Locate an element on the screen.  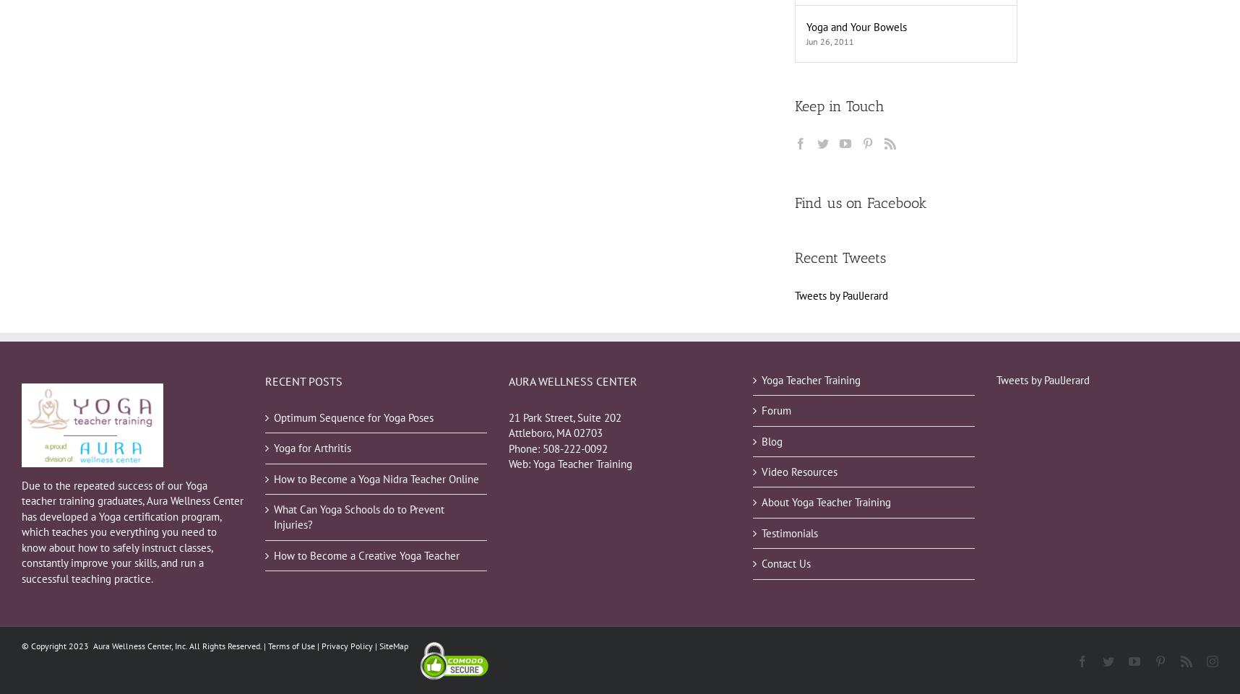
'How to Become a Yoga Nidra Teacher Online' is located at coordinates (375, 477).